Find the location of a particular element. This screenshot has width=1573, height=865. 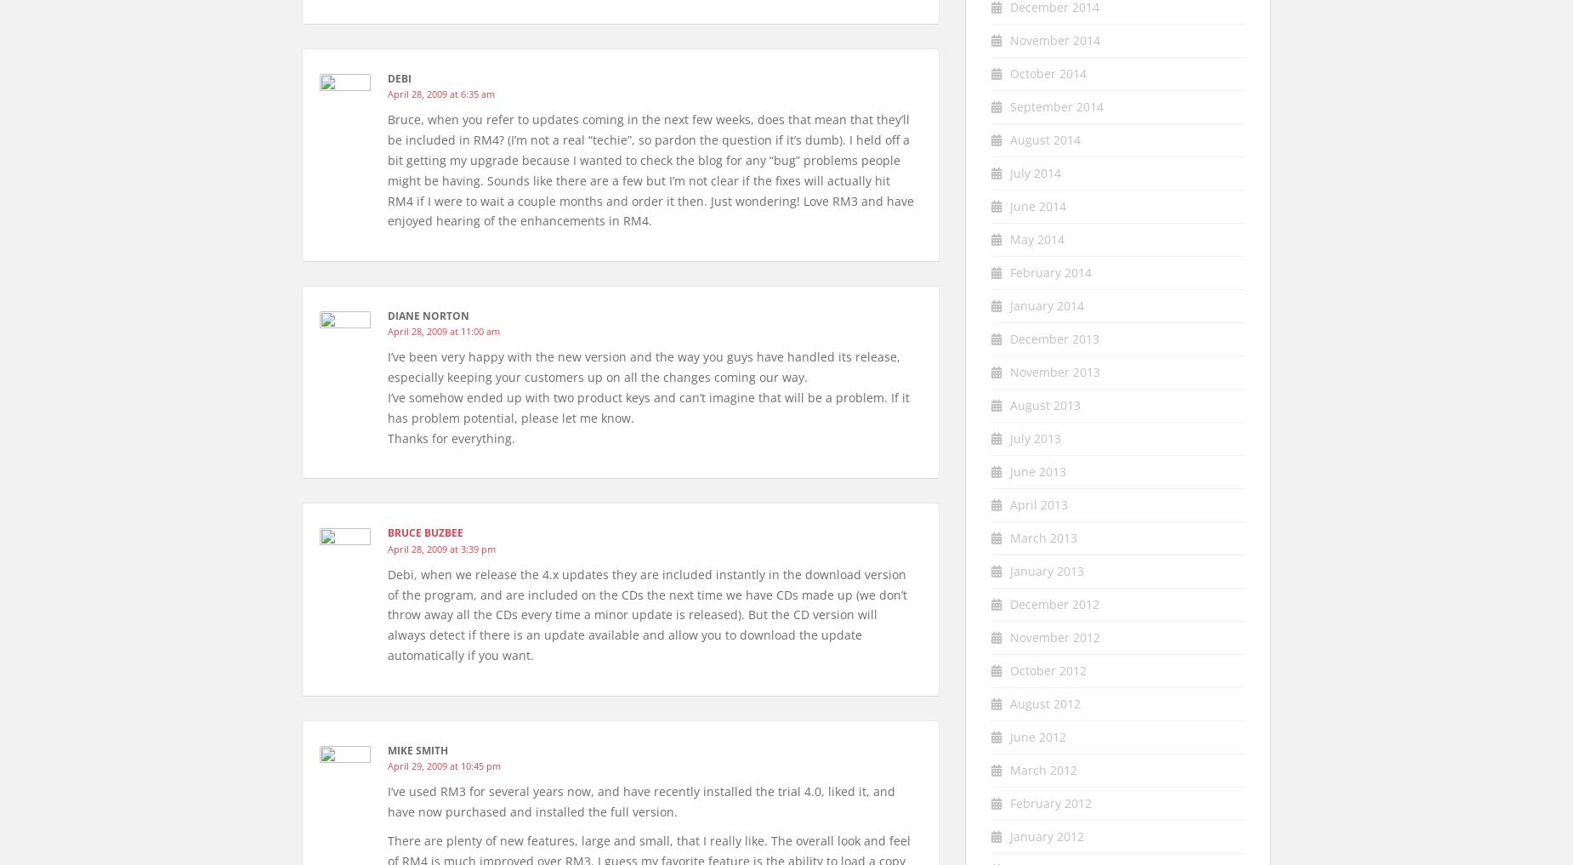

'June 2012' is located at coordinates (1037, 736).